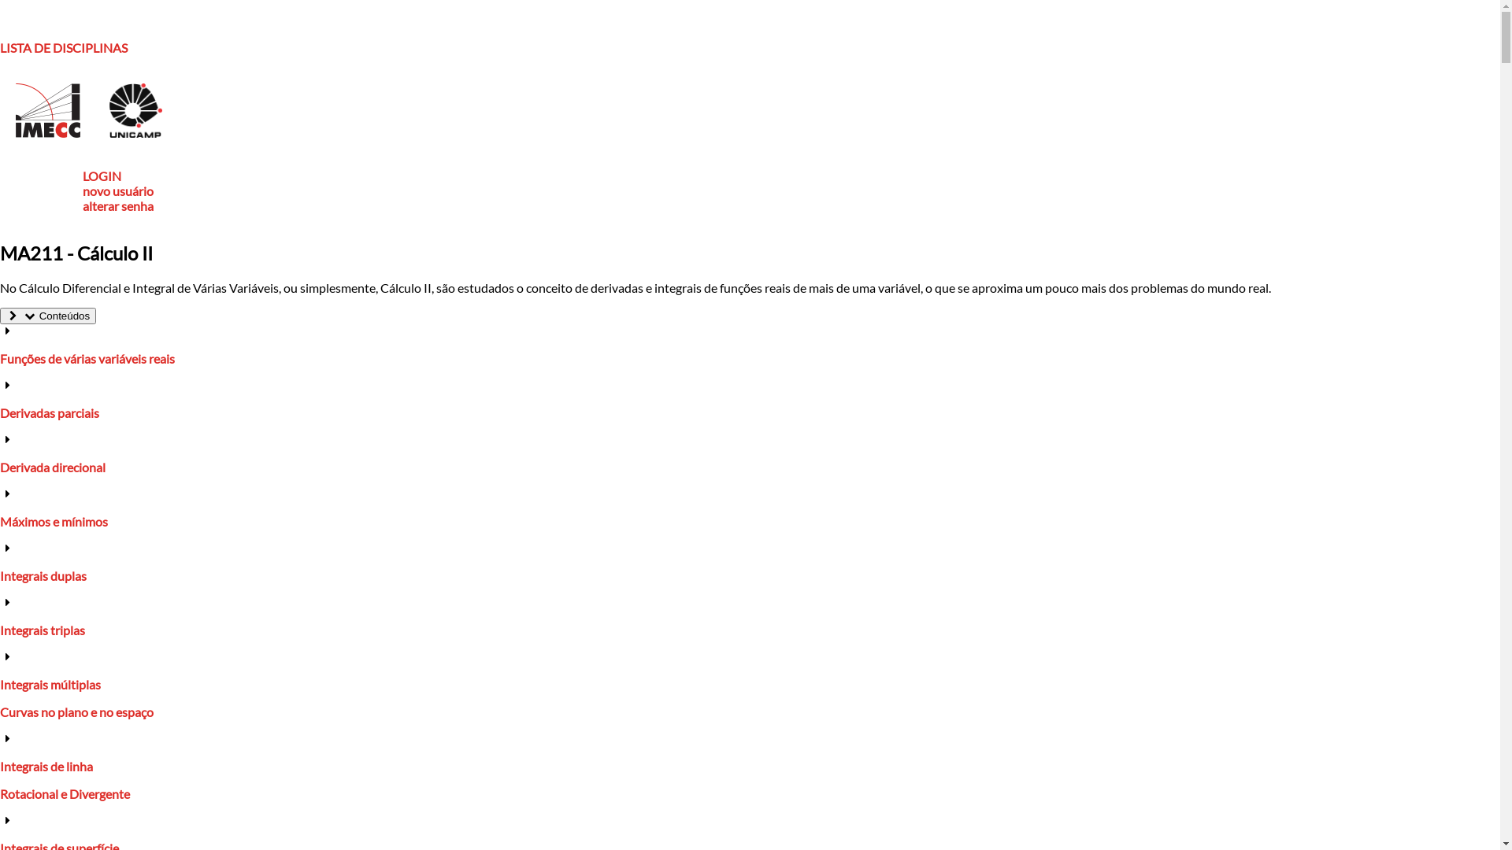  I want to click on 'Integrais duplas', so click(43, 575).